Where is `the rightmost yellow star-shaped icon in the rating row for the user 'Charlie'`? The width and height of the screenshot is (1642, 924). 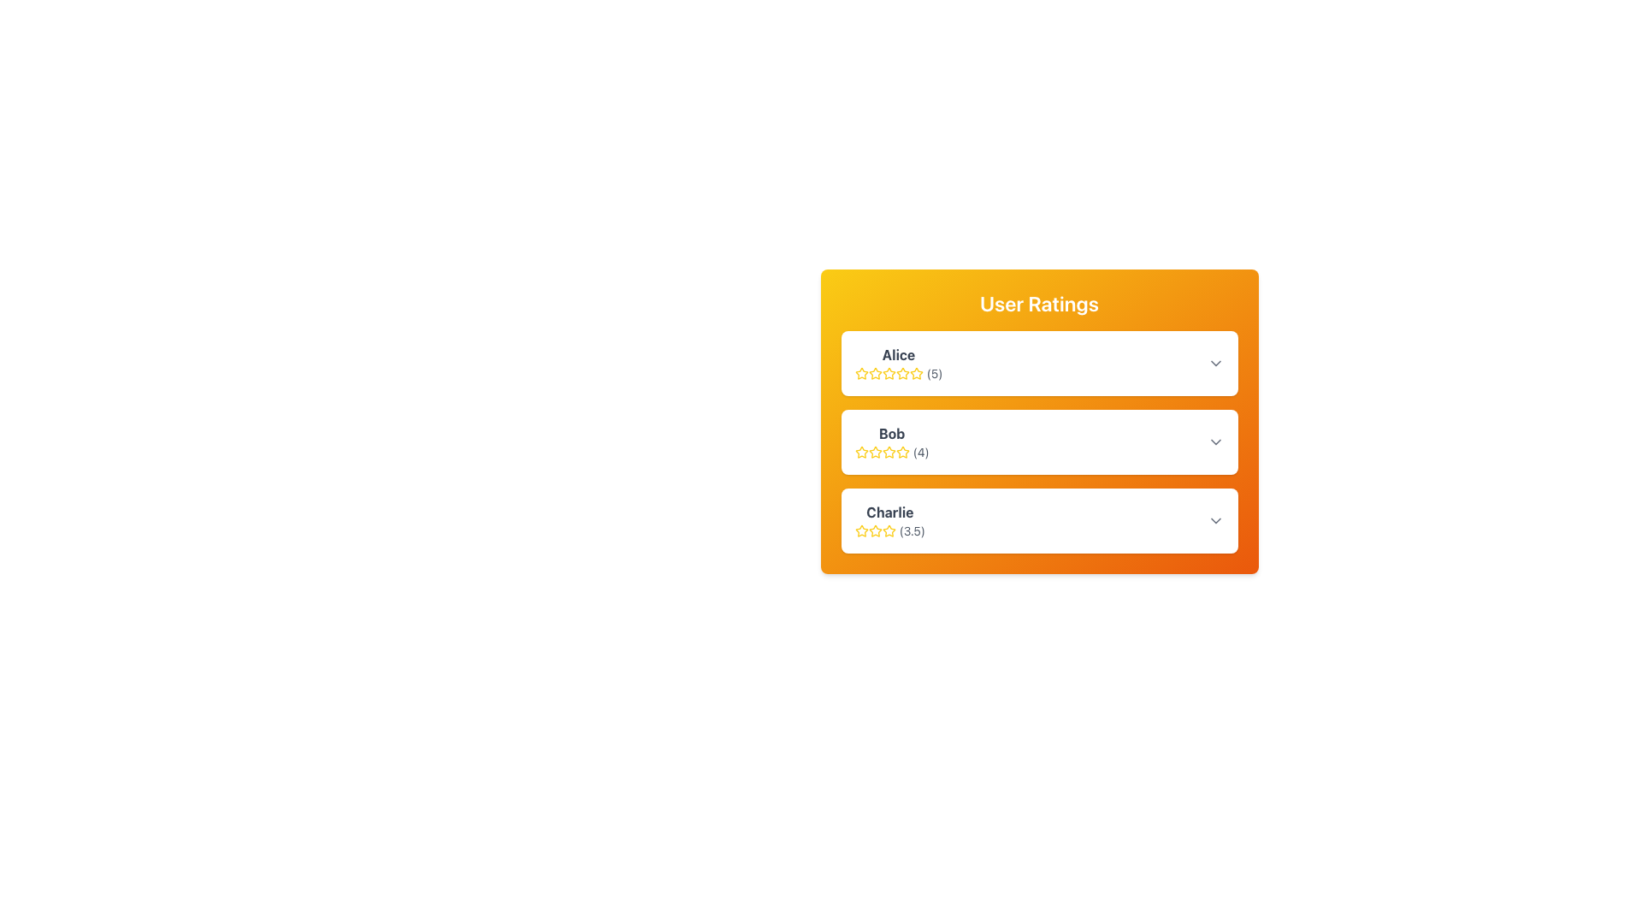
the rightmost yellow star-shaped icon in the rating row for the user 'Charlie' is located at coordinates (861, 530).